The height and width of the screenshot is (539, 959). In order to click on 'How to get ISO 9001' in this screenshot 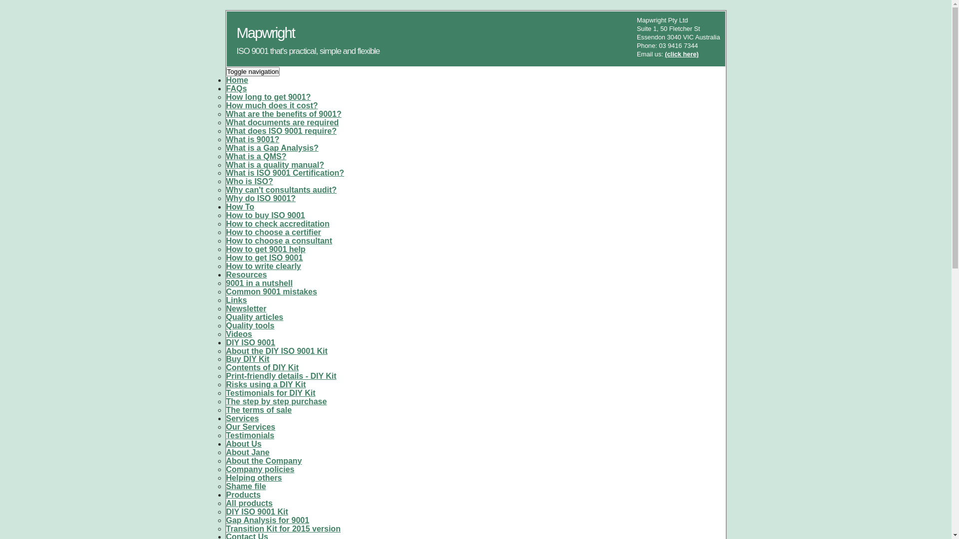, I will do `click(225, 257)`.